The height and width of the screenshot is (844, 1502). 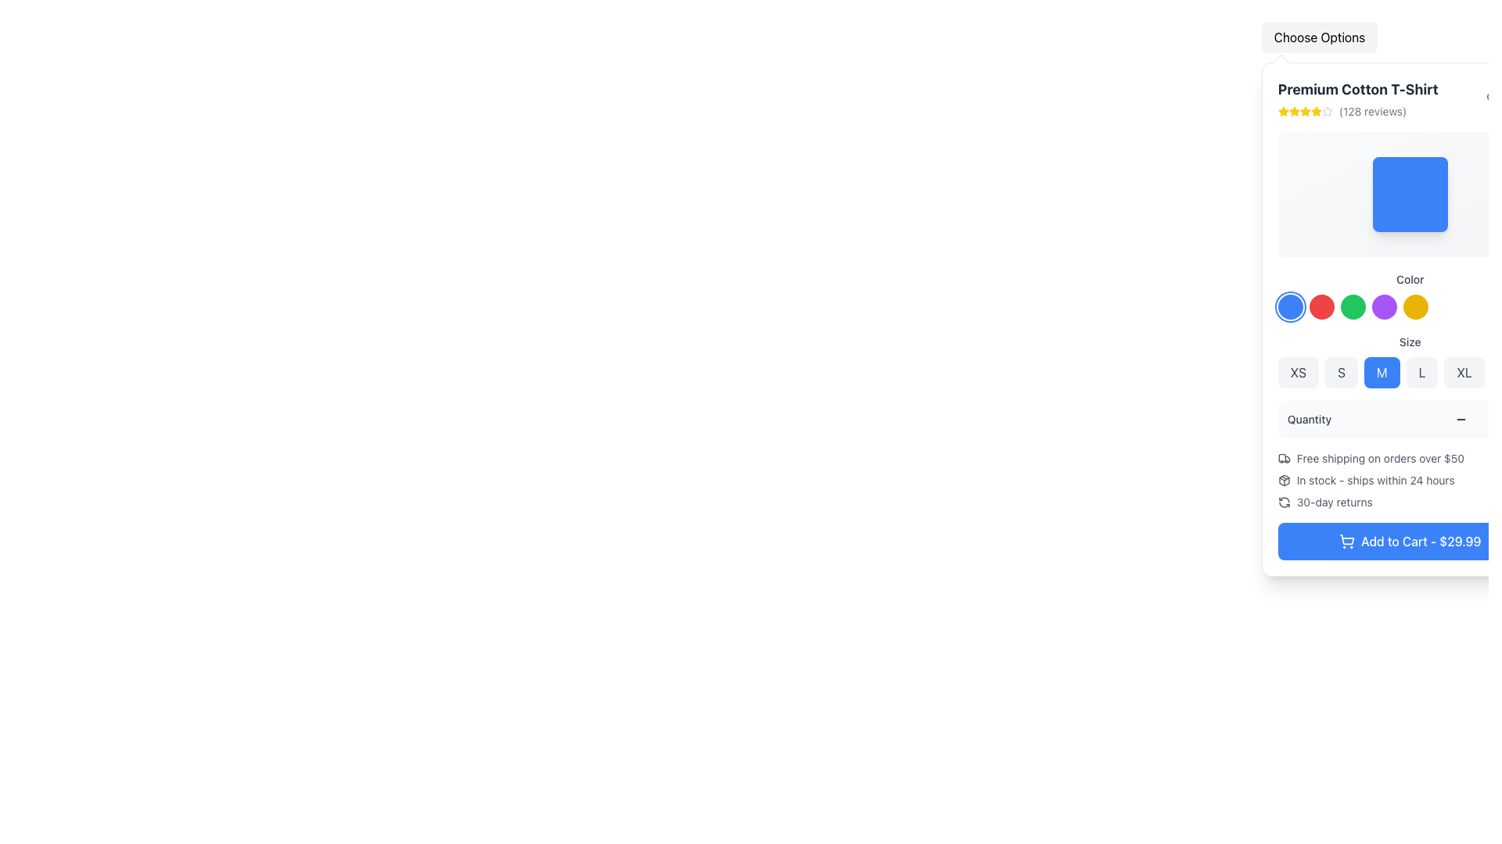 What do you see at coordinates (1357, 110) in the screenshot?
I see `the text label displaying the count of reviews for the Premium Cotton T-Shirt, located under the title and following the rating stars` at bounding box center [1357, 110].